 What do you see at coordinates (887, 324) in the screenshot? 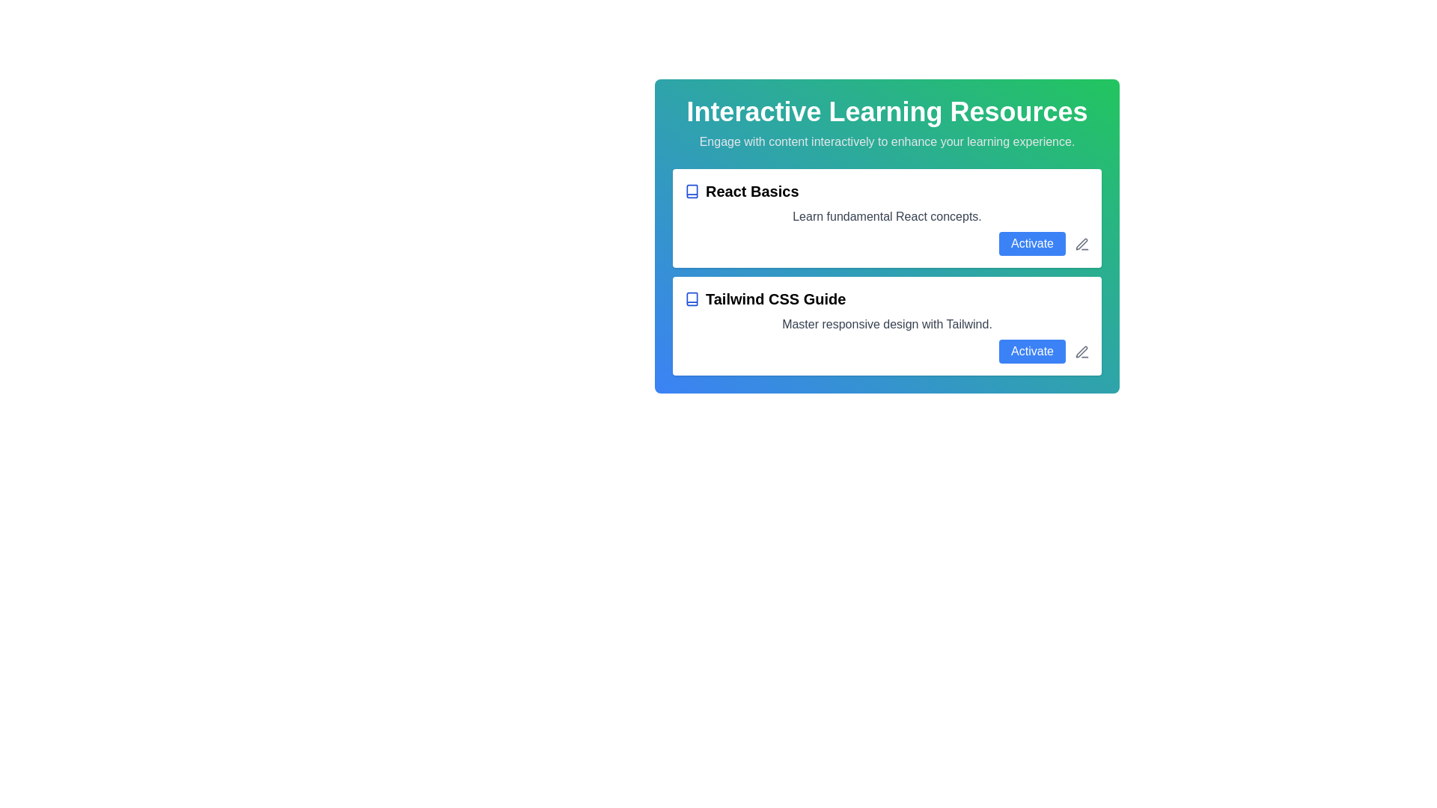
I see `descriptive text about 'Tailwind CSS Guide', which is the second text line within the card directly under the title and above the 'Activate' button` at bounding box center [887, 324].